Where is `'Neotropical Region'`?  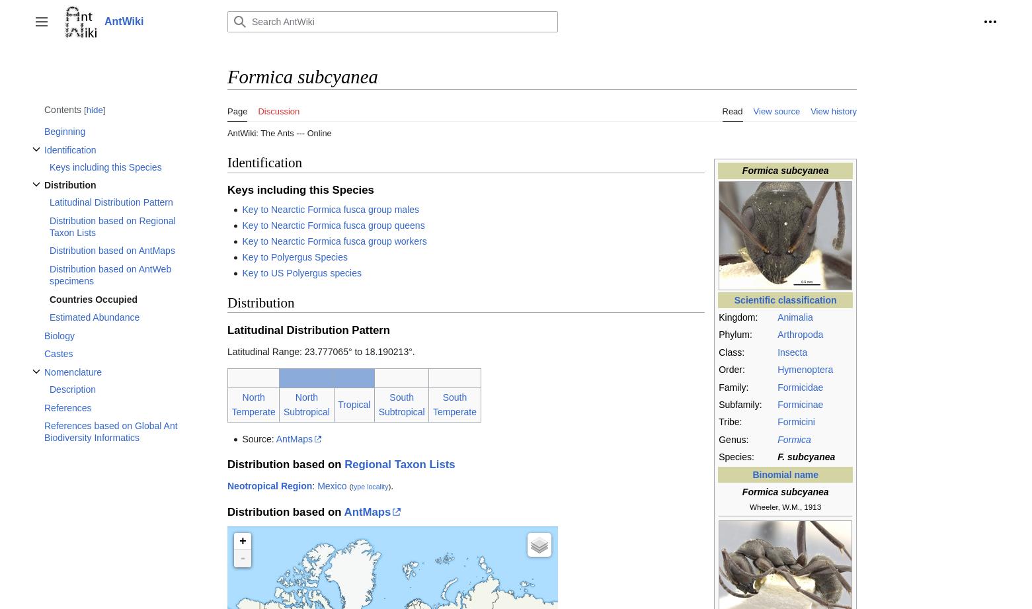
'Neotropical Region' is located at coordinates (269, 485).